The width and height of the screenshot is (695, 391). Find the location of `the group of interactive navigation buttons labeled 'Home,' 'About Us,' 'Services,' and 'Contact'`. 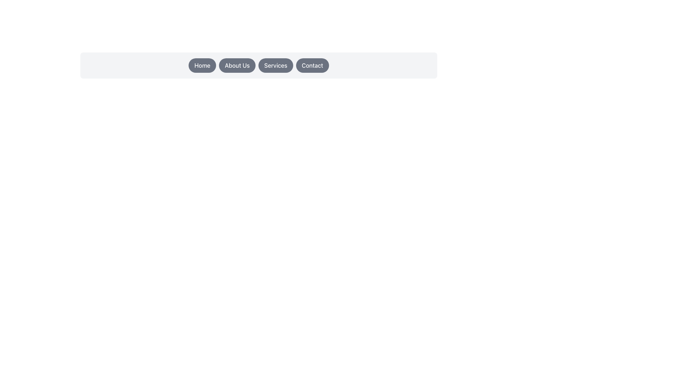

the group of interactive navigation buttons labeled 'Home,' 'About Us,' 'Services,' and 'Contact' is located at coordinates (259, 66).